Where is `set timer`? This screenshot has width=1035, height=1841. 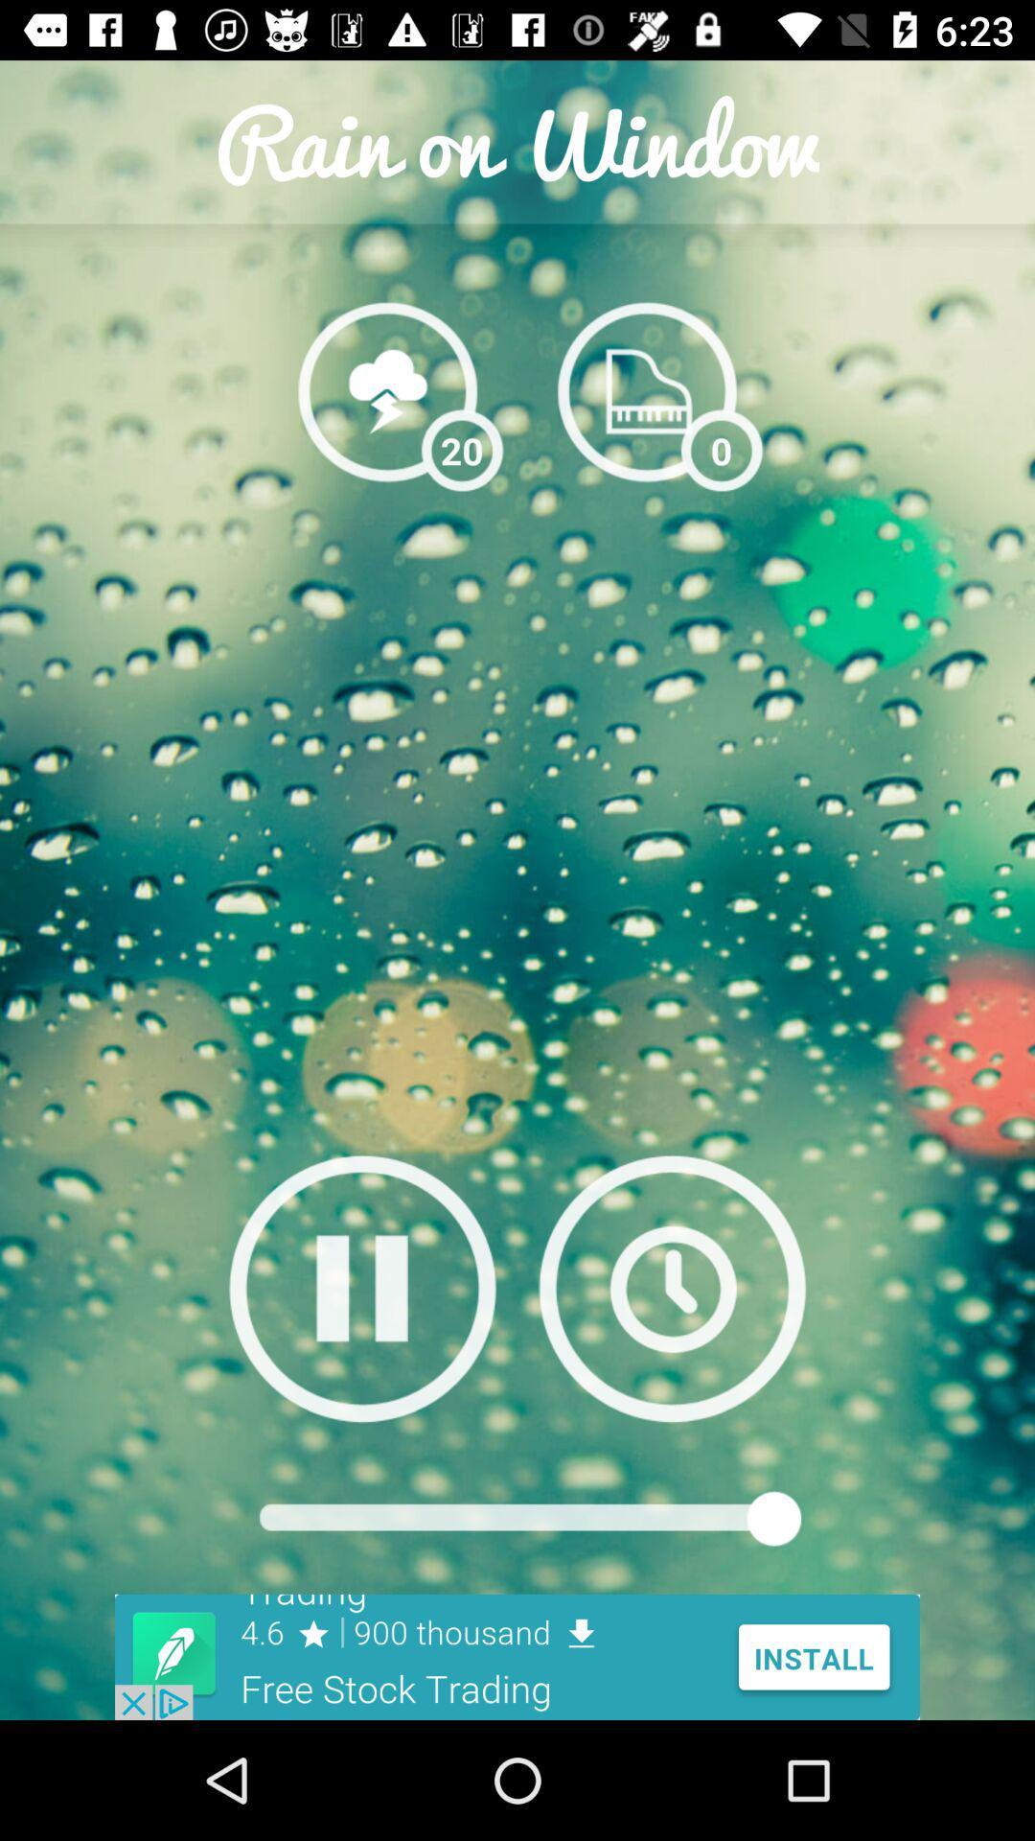 set timer is located at coordinates (671, 1288).